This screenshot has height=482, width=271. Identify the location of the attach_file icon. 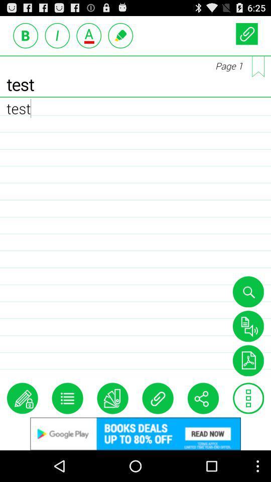
(246, 36).